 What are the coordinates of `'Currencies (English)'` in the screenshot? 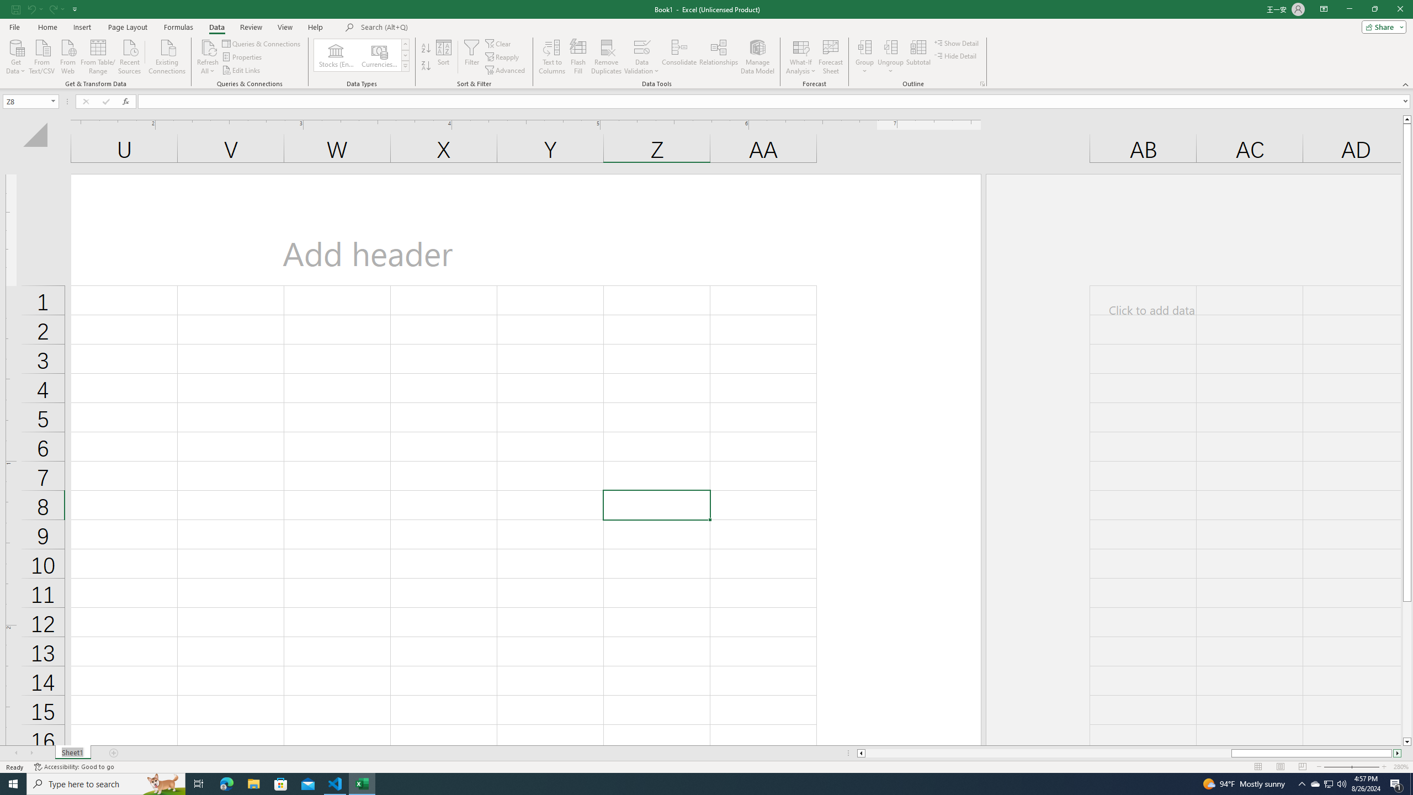 It's located at (379, 55).